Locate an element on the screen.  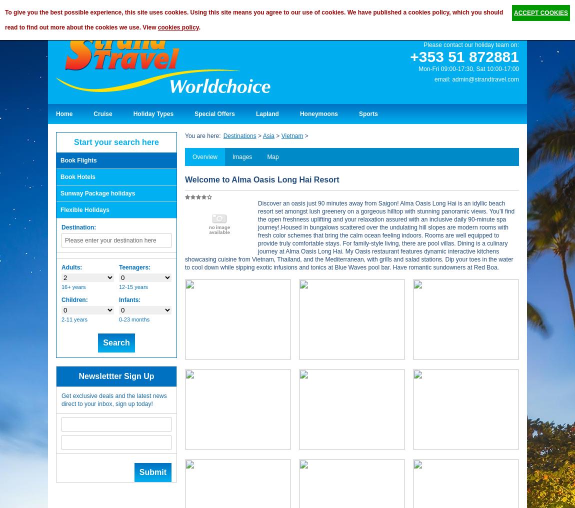
'Sunway Package holidays' is located at coordinates (97, 192).